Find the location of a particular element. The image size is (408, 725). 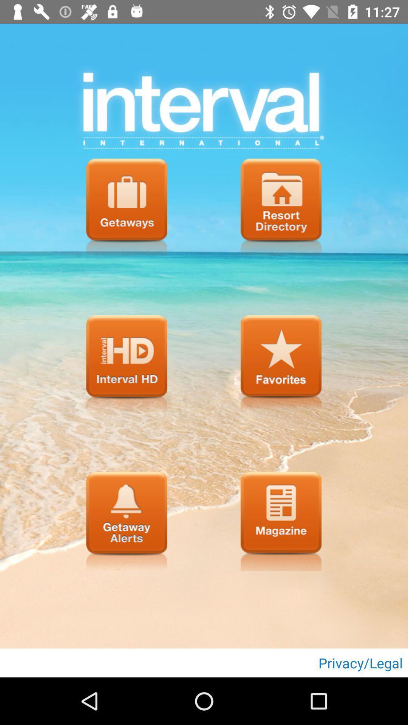

click for resort directory is located at coordinates (281, 208).